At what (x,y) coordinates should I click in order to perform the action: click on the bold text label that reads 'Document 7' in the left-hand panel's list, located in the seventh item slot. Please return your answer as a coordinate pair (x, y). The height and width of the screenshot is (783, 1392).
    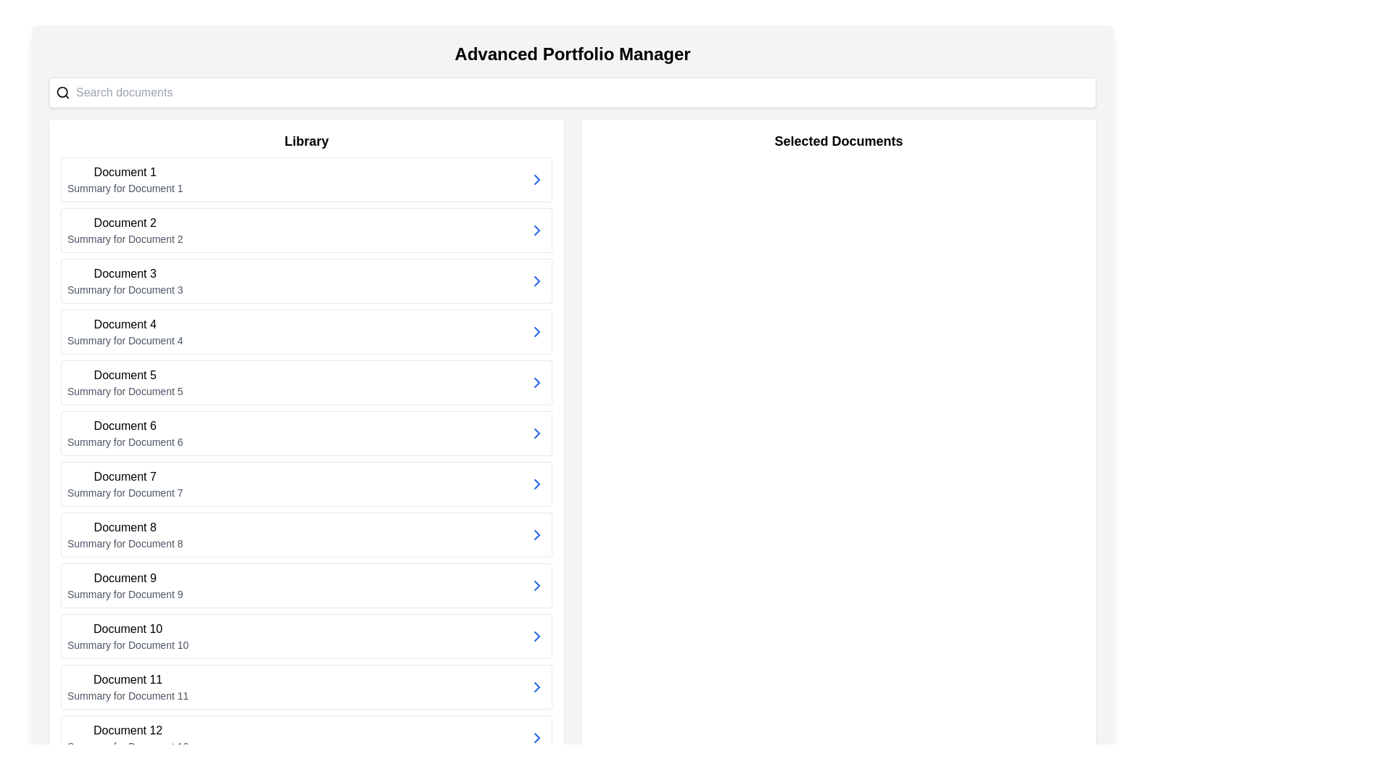
    Looking at the image, I should click on (125, 477).